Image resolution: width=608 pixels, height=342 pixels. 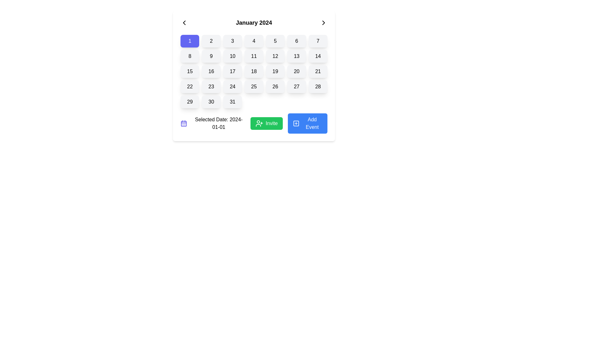 I want to click on the Calendar Day Cell displaying the date '17', so click(x=232, y=71).